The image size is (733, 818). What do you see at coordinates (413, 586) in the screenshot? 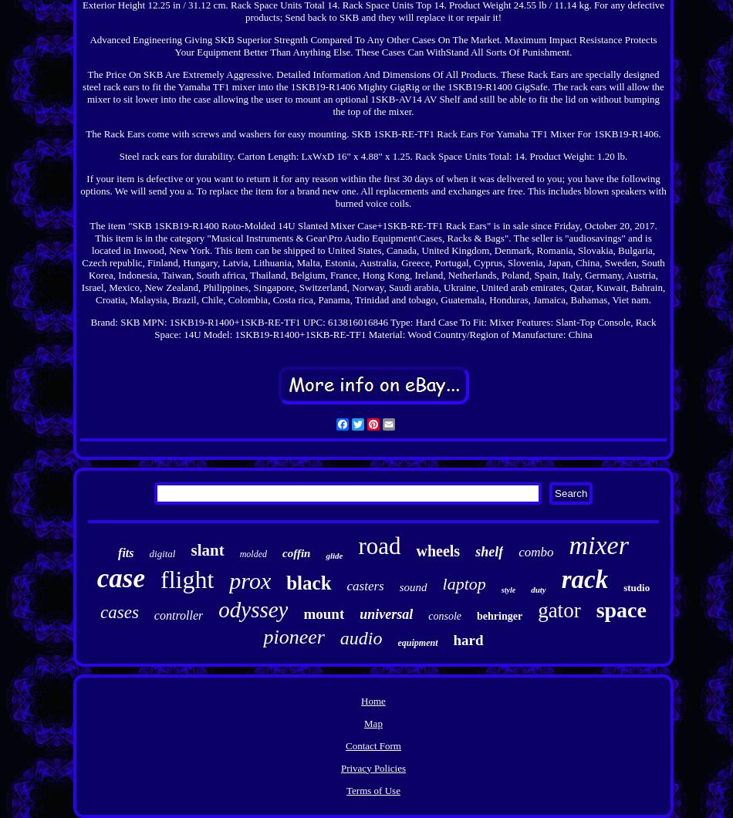
I see `'sound'` at bounding box center [413, 586].